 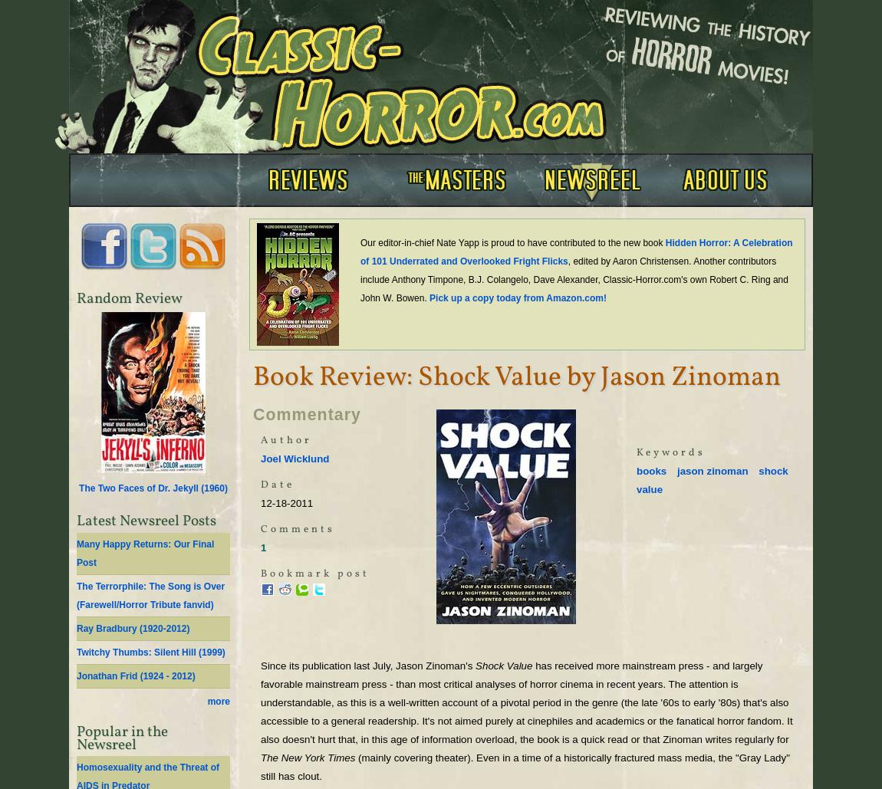 What do you see at coordinates (712, 480) in the screenshot?
I see `'shock value'` at bounding box center [712, 480].